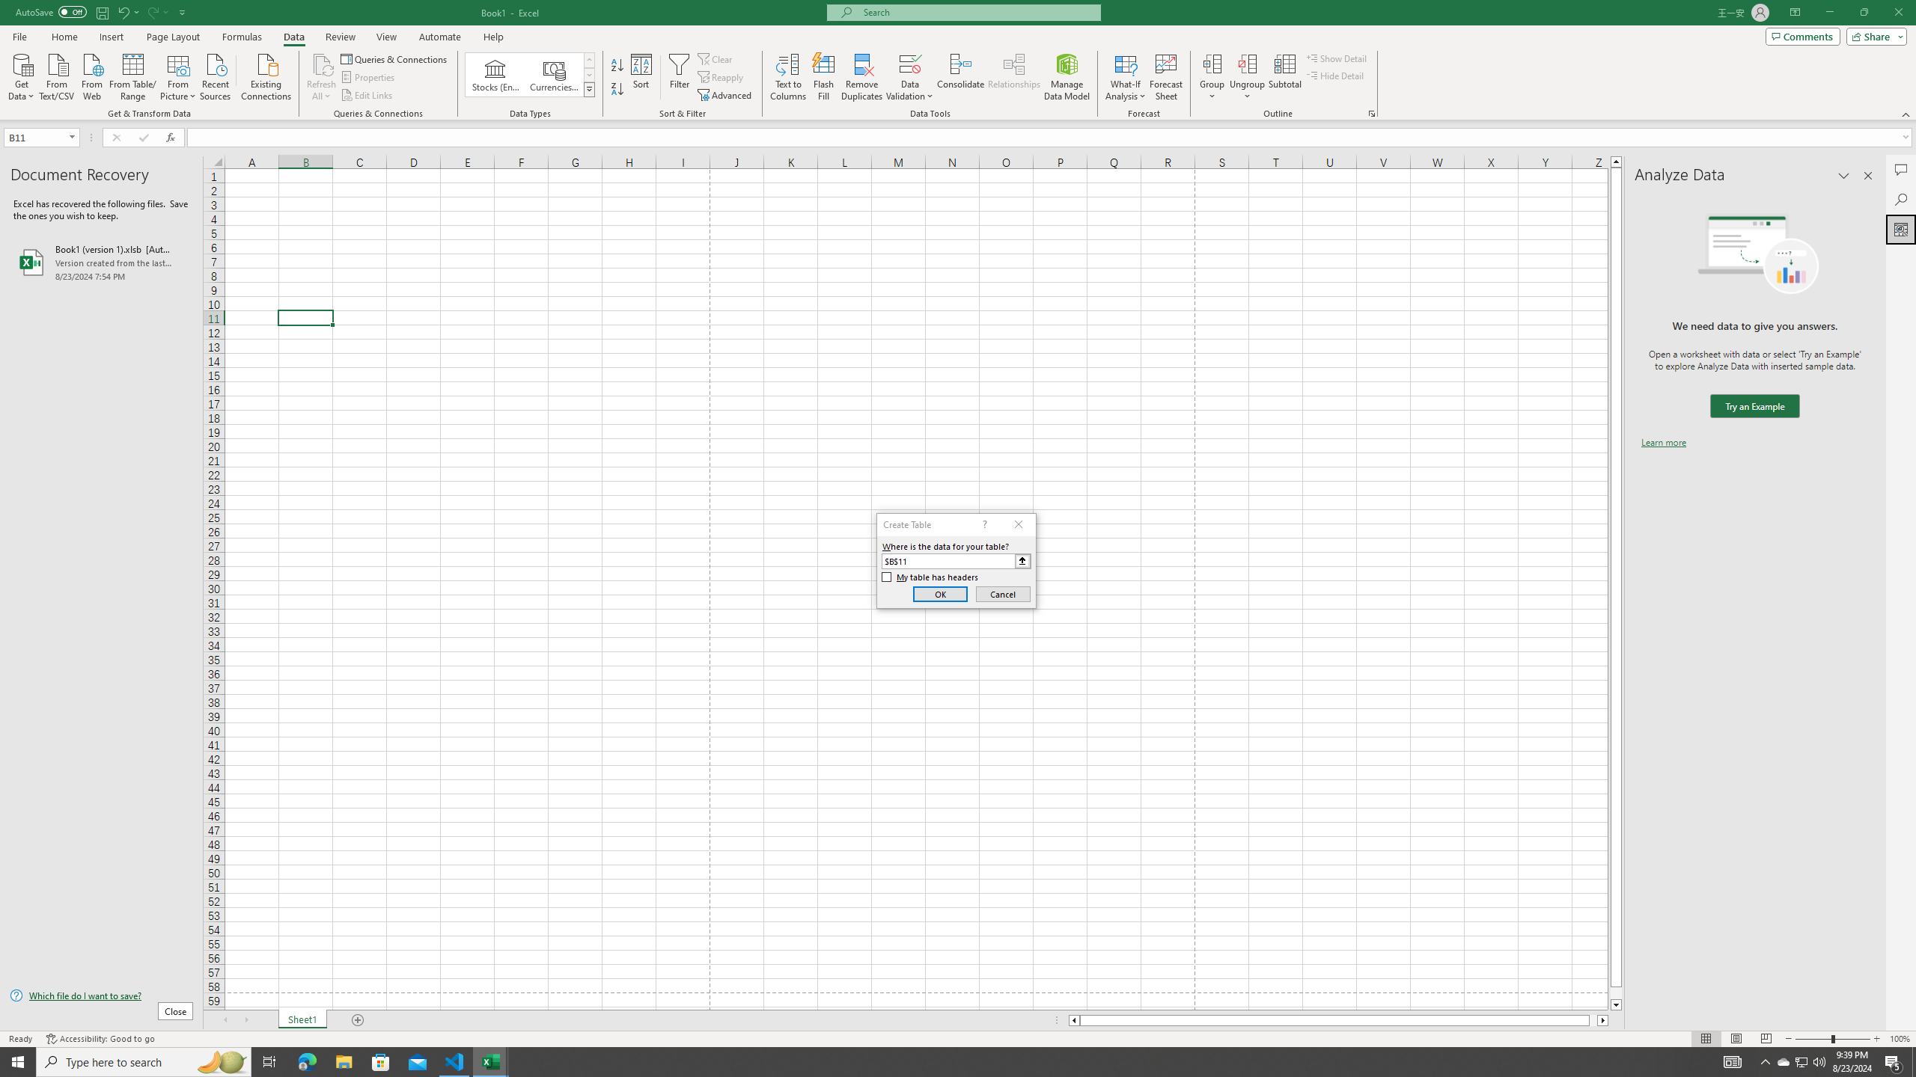 Image resolution: width=1916 pixels, height=1077 pixels. Describe the element at coordinates (617, 65) in the screenshot. I see `'Sort A to Z'` at that location.